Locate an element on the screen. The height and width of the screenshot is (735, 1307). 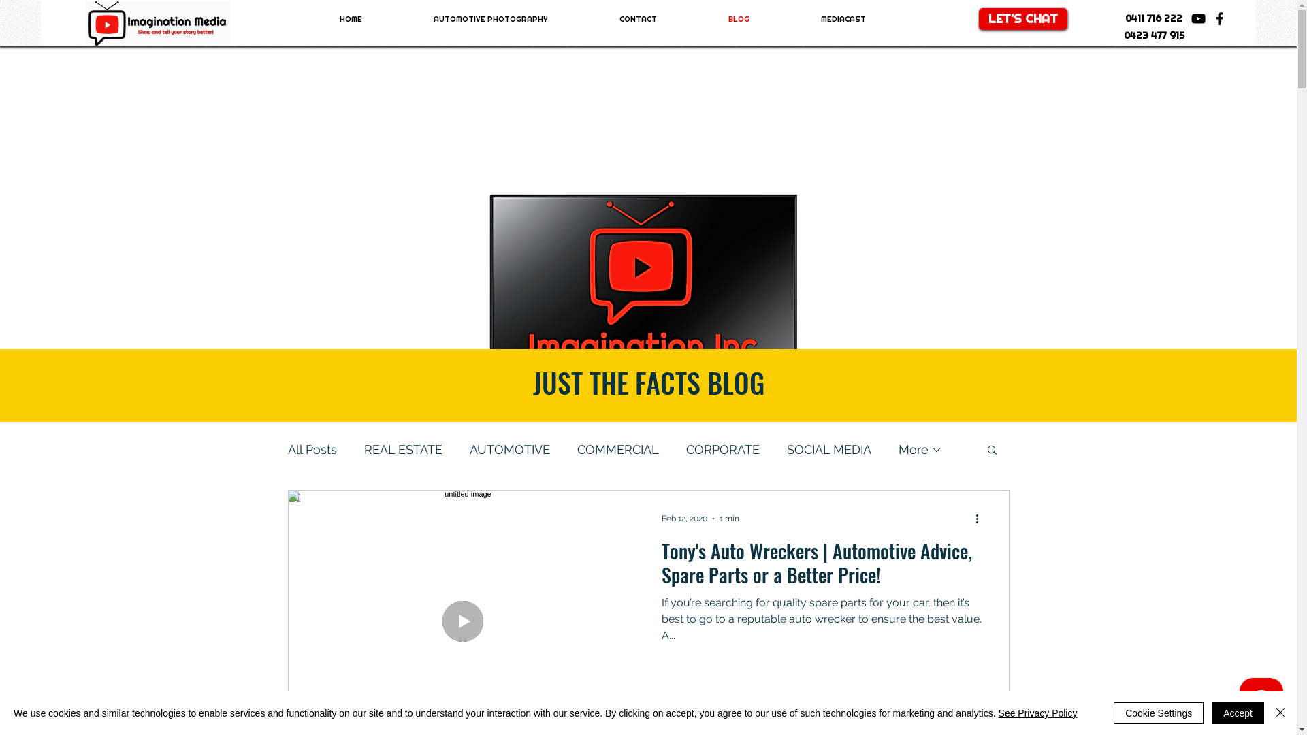
'AUTOMOTIVE PHOTOGRAPHY' is located at coordinates (490, 18).